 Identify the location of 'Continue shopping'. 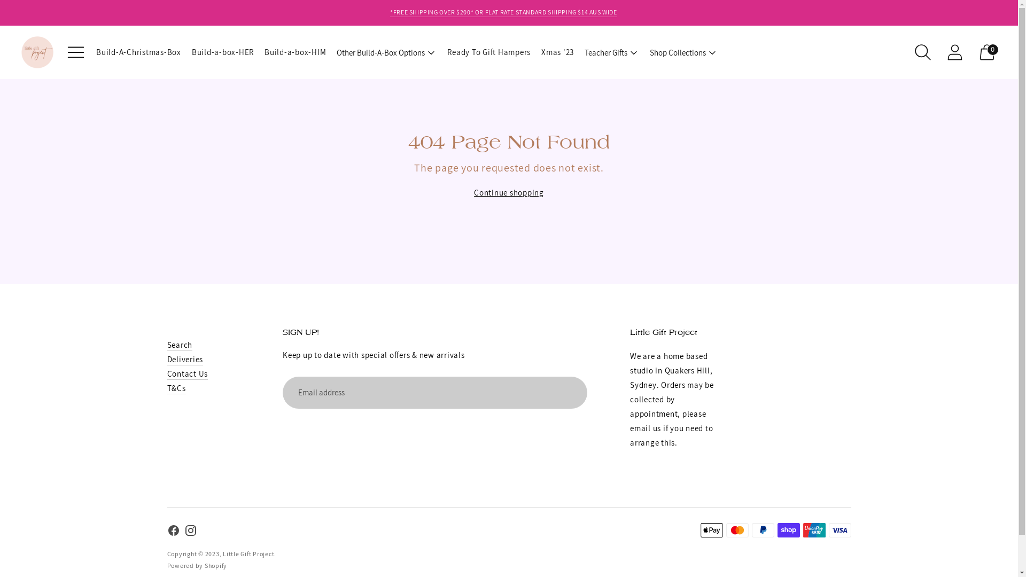
(508, 192).